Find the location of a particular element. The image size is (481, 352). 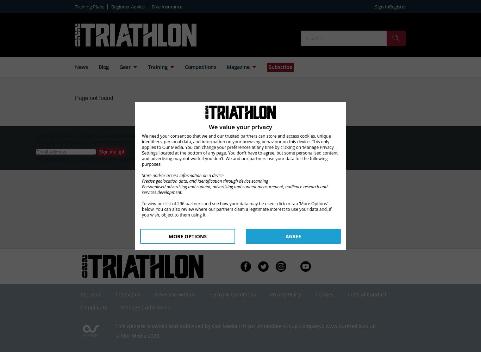

'Gift a subscription to 220 Triathlon magazine, save 55% and pay just £34.99 for 13 issues!' is located at coordinates (205, 210).